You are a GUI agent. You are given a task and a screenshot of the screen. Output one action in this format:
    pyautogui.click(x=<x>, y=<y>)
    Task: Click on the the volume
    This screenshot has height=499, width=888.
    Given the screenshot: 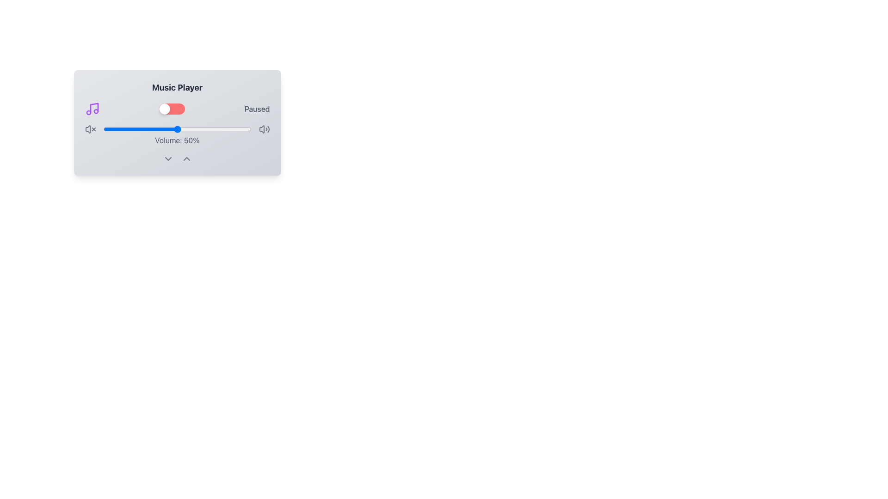 What is the action you would take?
    pyautogui.click(x=111, y=129)
    